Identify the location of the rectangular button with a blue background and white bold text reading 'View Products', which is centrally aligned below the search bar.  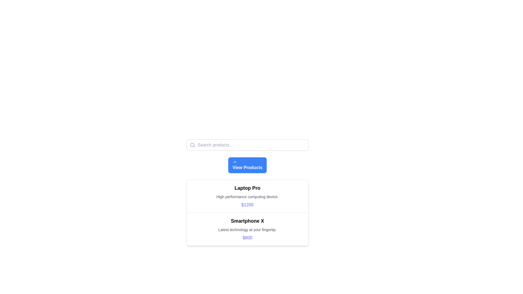
(247, 165).